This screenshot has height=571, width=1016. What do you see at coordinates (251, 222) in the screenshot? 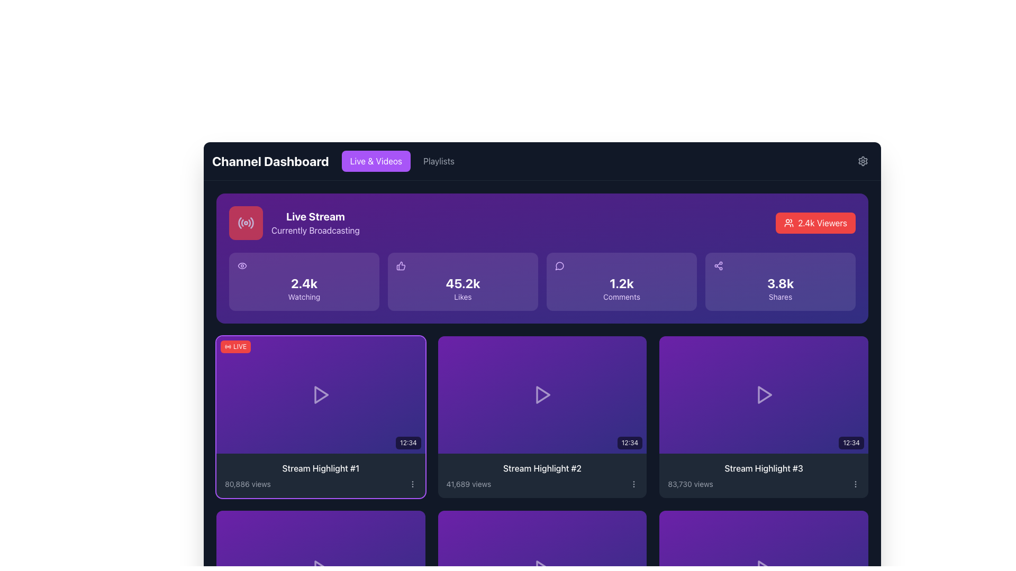
I see `the decorative icon segment that visually represents a part of the 'broadcasting' theme of the 'Live Stream' widget, which is the fifth segment of the radio wave located on the left-hand side of the main dashboard interface` at bounding box center [251, 222].